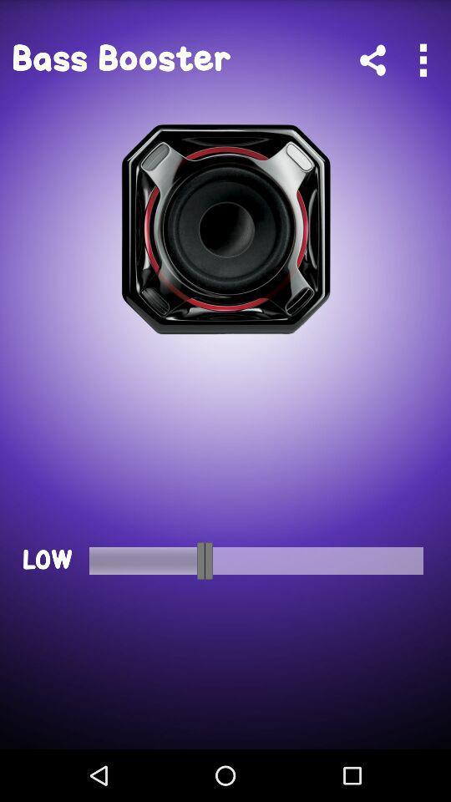 The image size is (451, 802). I want to click on the icon below bass booster app, so click(225, 229).